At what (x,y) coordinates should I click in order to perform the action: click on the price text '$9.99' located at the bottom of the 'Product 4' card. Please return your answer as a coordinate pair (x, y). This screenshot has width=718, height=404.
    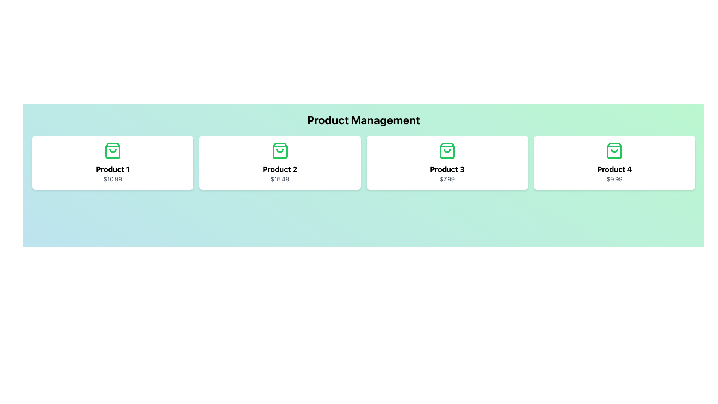
    Looking at the image, I should click on (614, 179).